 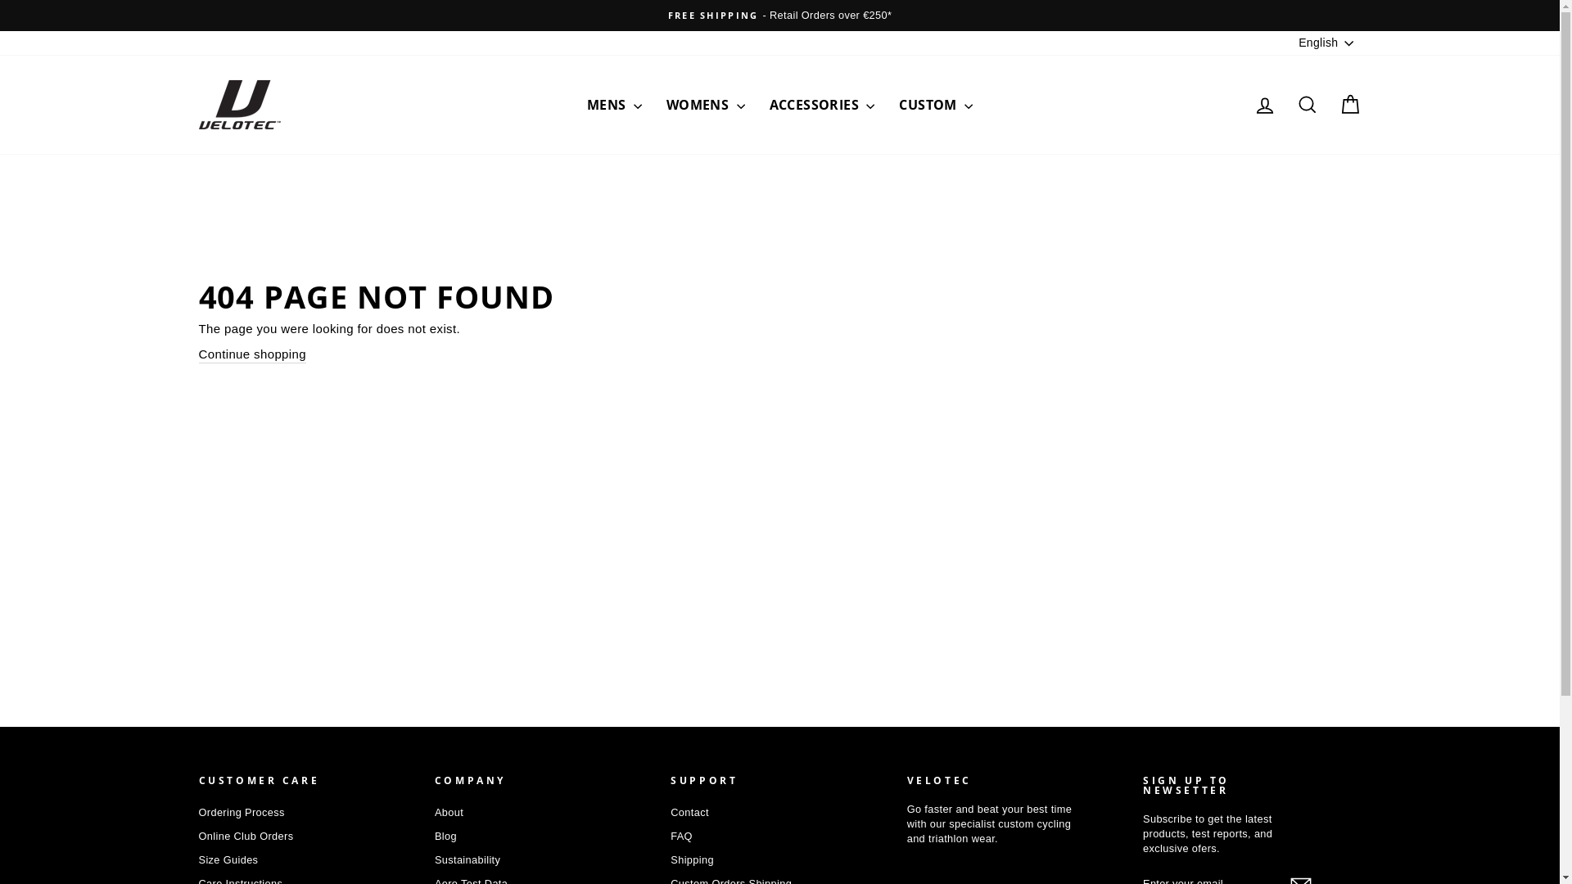 What do you see at coordinates (681, 837) in the screenshot?
I see `'FAQ'` at bounding box center [681, 837].